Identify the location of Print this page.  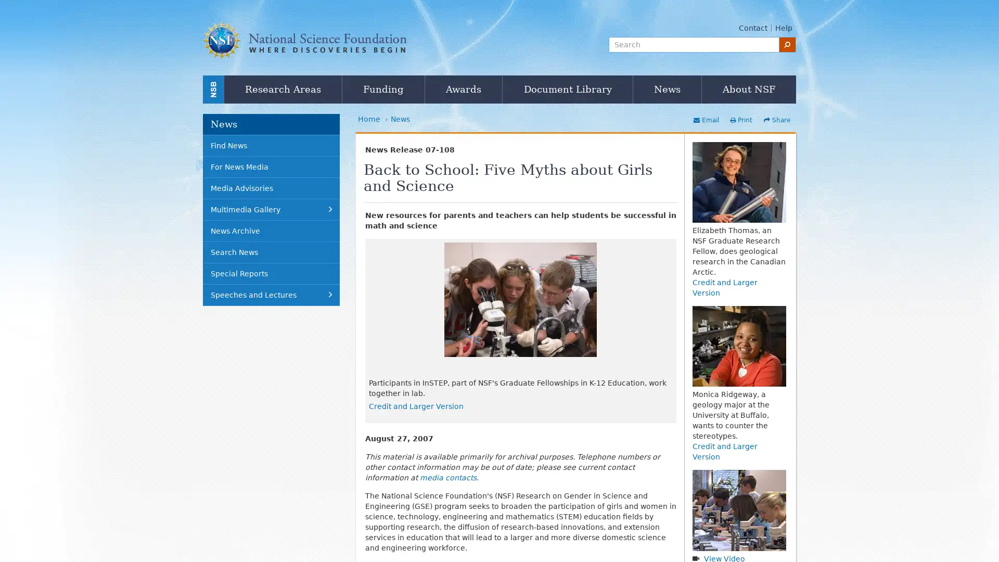
(740, 120).